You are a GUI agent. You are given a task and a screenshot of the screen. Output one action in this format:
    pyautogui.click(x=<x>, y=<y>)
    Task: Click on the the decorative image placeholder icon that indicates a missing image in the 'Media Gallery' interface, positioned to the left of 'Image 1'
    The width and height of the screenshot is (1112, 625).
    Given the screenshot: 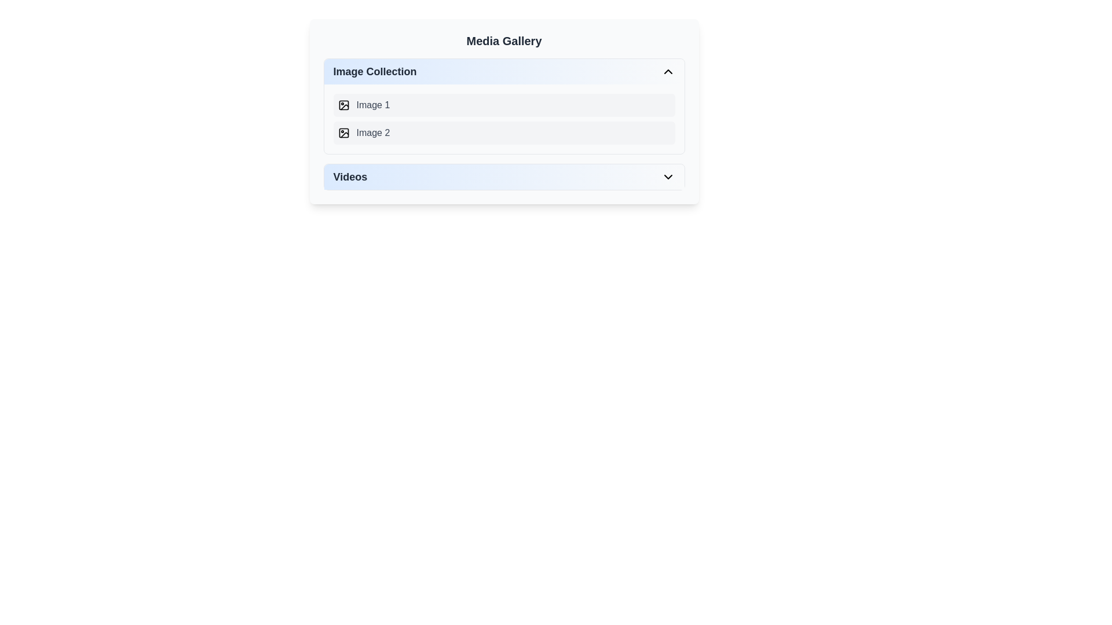 What is the action you would take?
    pyautogui.click(x=343, y=105)
    